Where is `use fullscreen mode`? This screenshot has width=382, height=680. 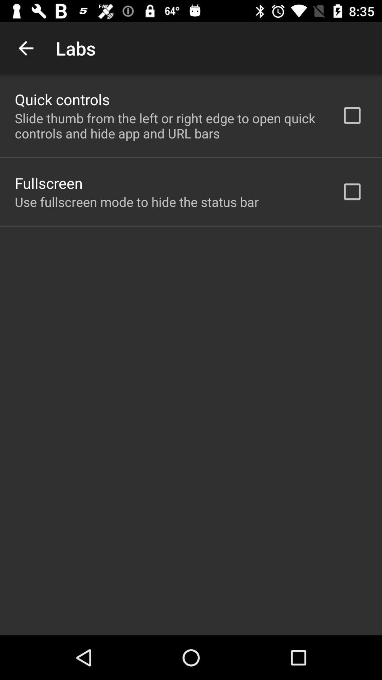
use fullscreen mode is located at coordinates (137, 202).